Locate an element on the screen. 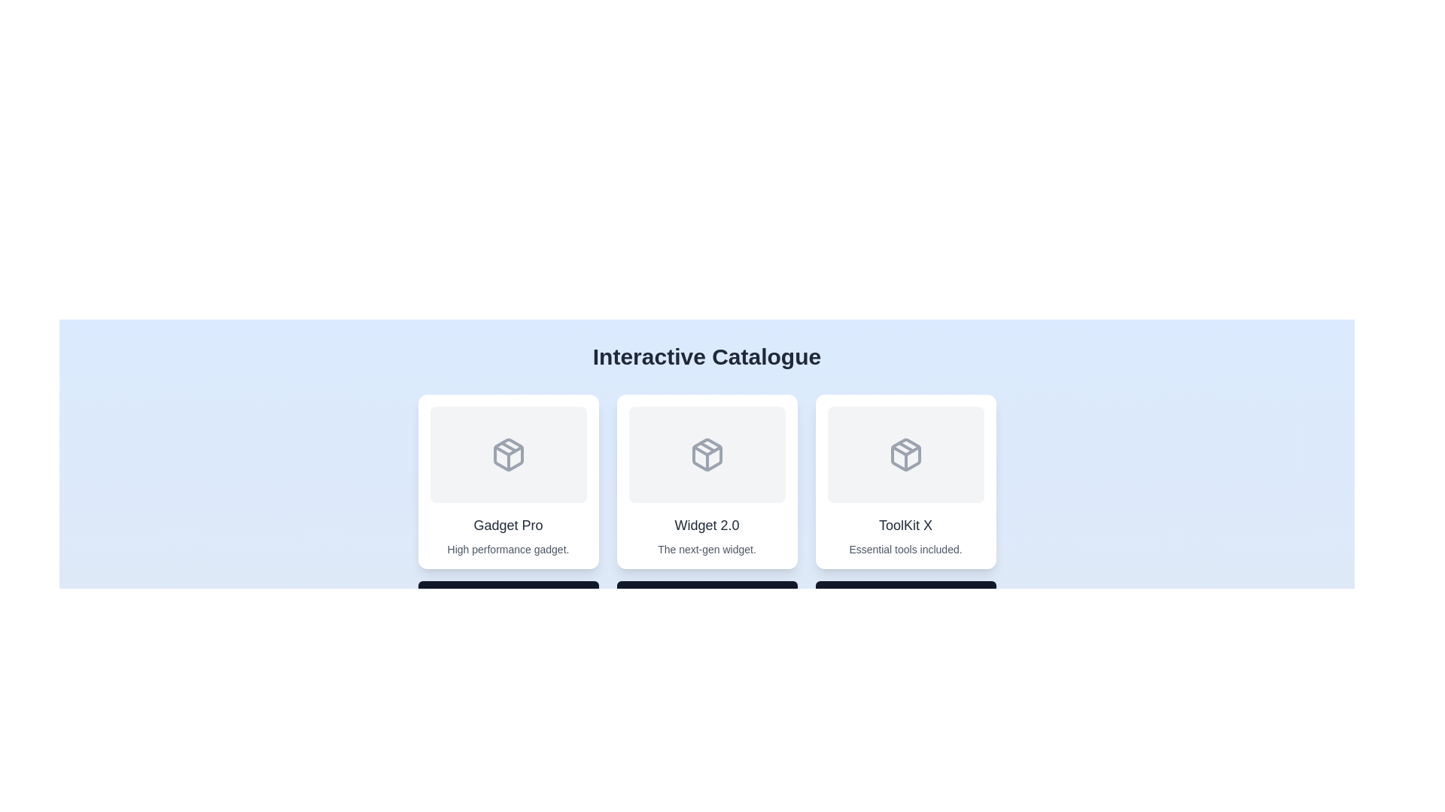 This screenshot has width=1445, height=812. text label that displays the name of the card item 'ToolKit X', which is located in the bottom section of the card display, beneath an icon and above a smaller descriptive text element is located at coordinates (905, 524).